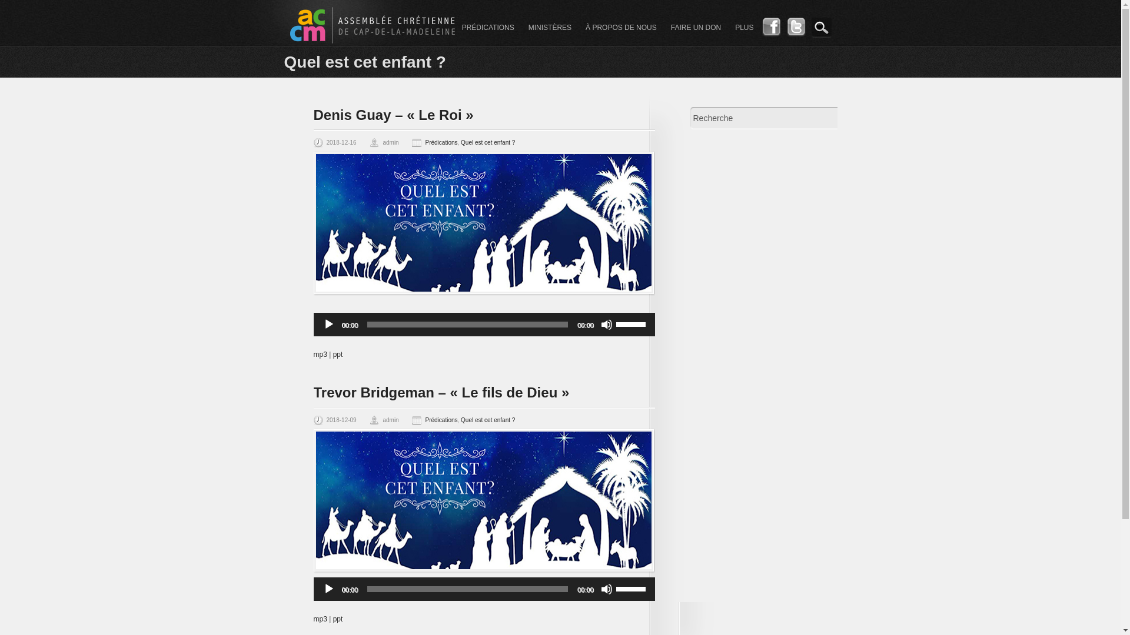 The image size is (1130, 635). I want to click on 'ppt', so click(337, 619).